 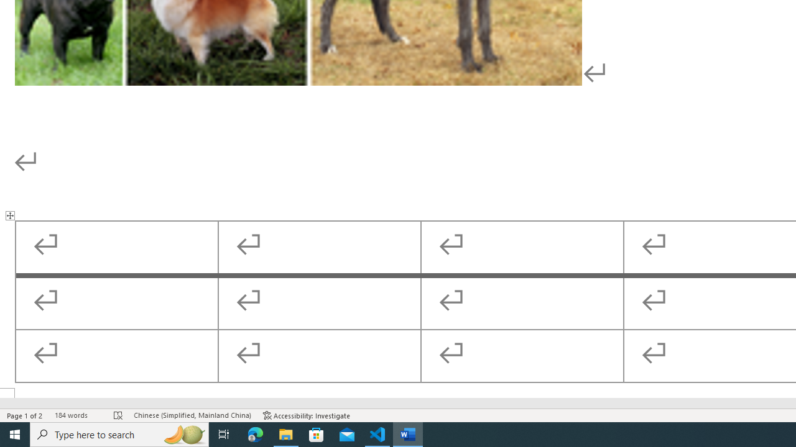 I want to click on 'Word Count 184 words', so click(x=77, y=415).